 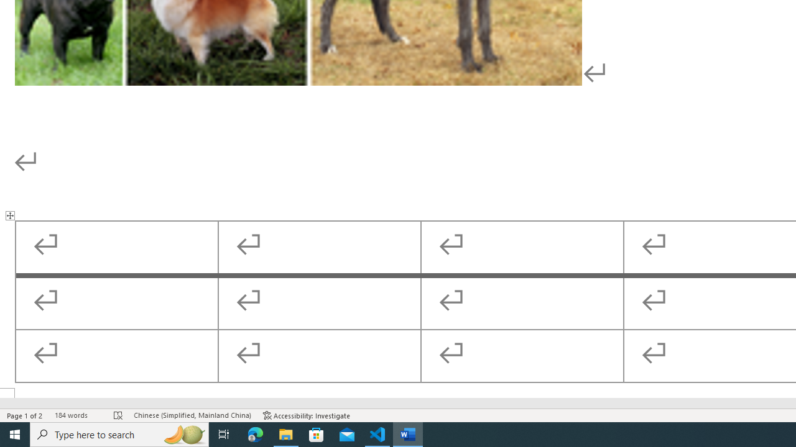 I want to click on 'Word Count 184 words', so click(x=77, y=415).